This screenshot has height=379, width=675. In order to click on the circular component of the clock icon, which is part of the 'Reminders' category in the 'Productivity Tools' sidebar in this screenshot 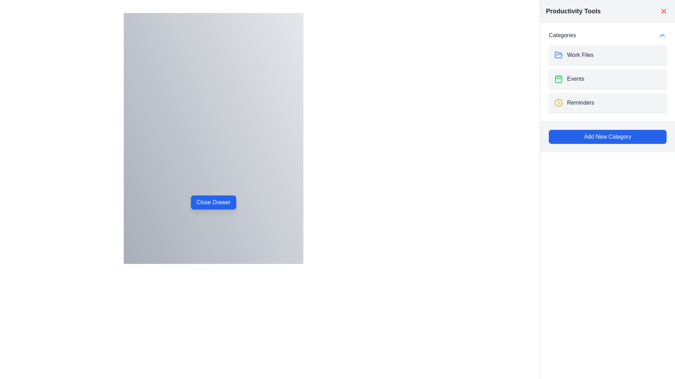, I will do `click(558, 103)`.